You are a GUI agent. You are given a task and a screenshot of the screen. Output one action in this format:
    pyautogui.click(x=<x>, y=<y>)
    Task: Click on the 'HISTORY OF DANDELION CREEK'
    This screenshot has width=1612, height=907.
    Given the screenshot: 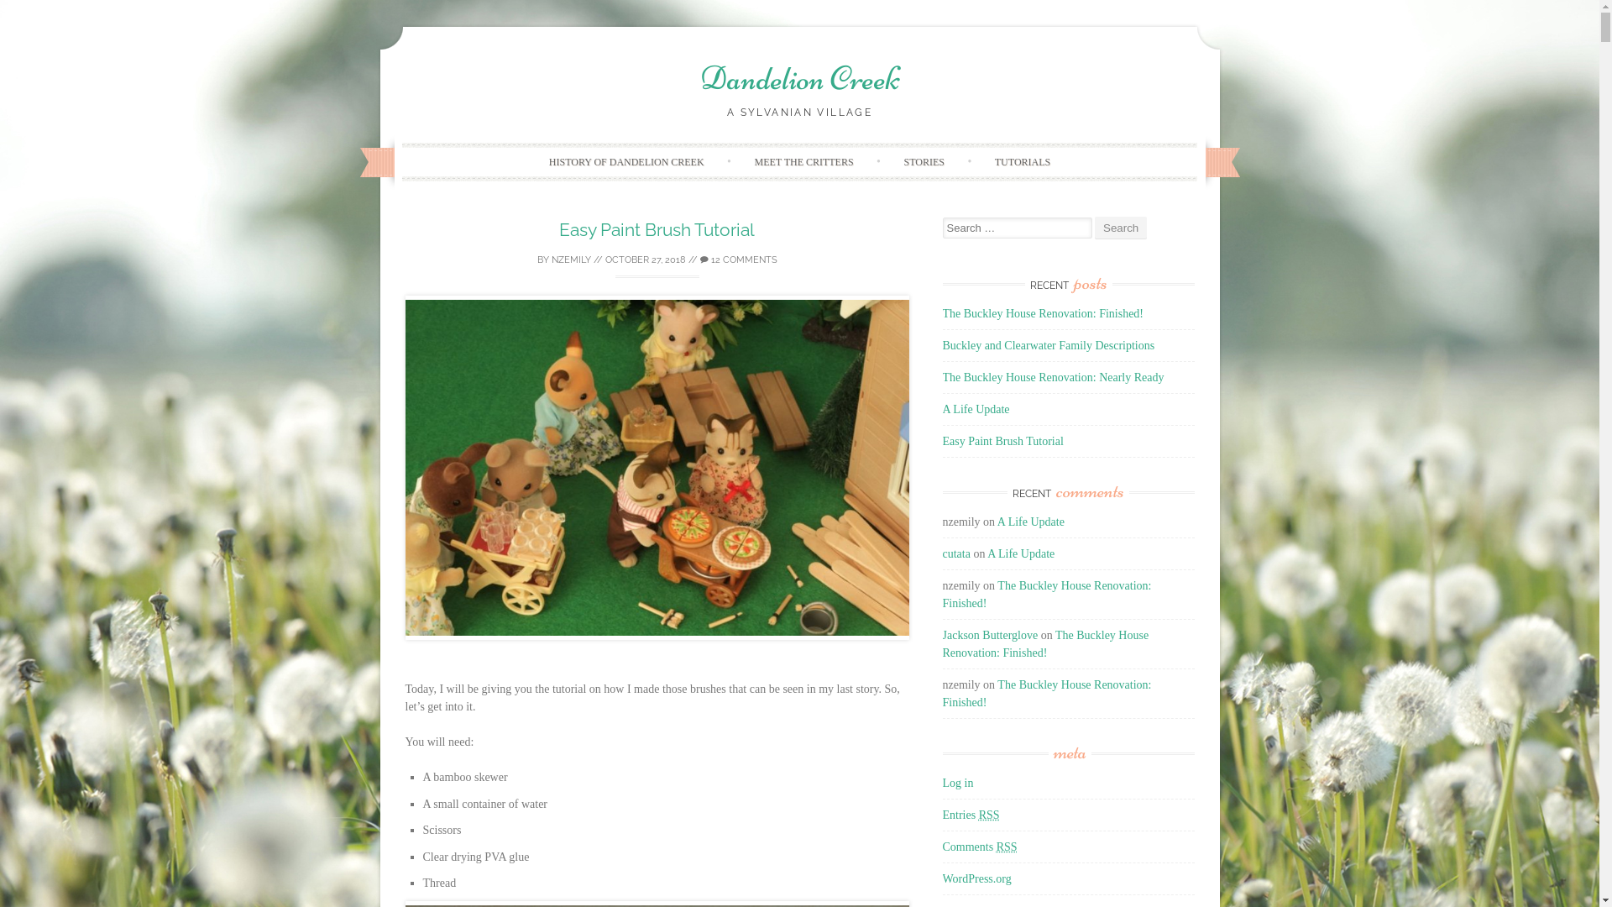 What is the action you would take?
    pyautogui.click(x=527, y=161)
    